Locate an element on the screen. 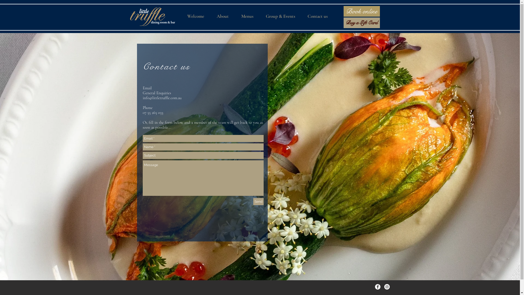 The width and height of the screenshot is (524, 295). 'Contact us' is located at coordinates (166, 66).